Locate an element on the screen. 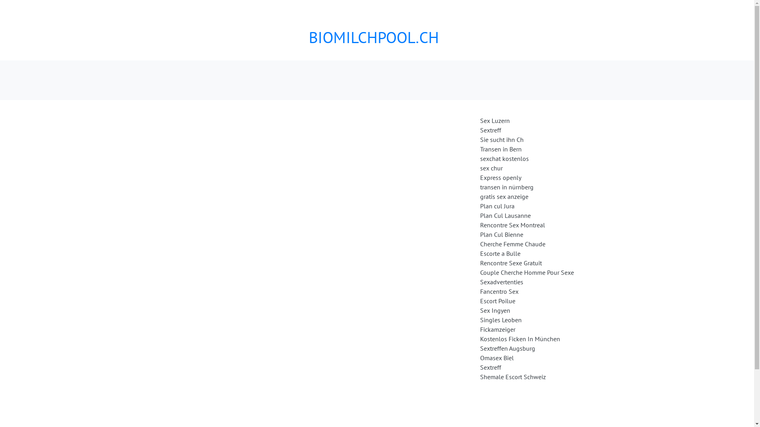 This screenshot has width=760, height=427. 'Plan Cul Lausanne' is located at coordinates (505, 215).